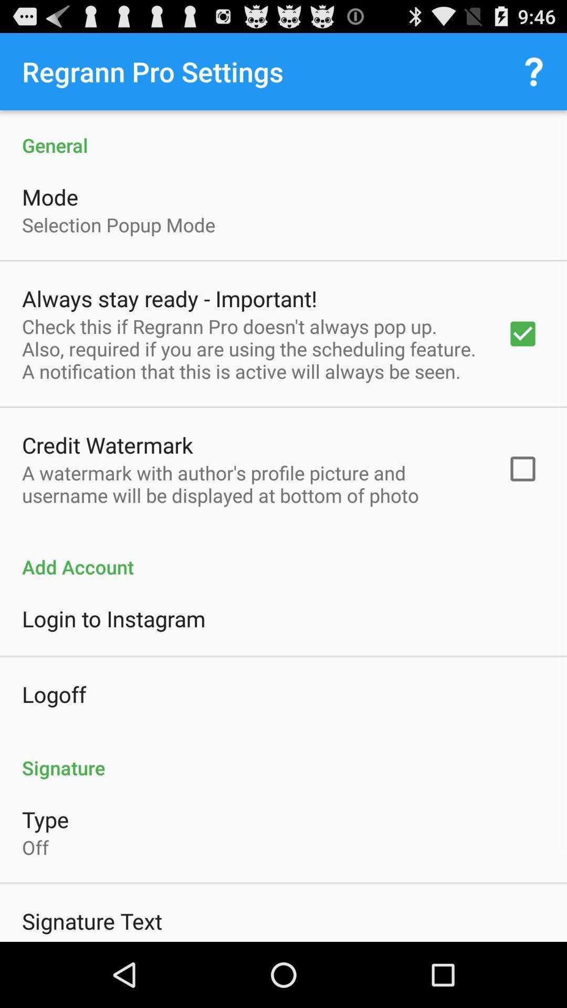 Image resolution: width=567 pixels, height=1008 pixels. Describe the element at coordinates (250, 484) in the screenshot. I see `the item below the credit watermark icon` at that location.